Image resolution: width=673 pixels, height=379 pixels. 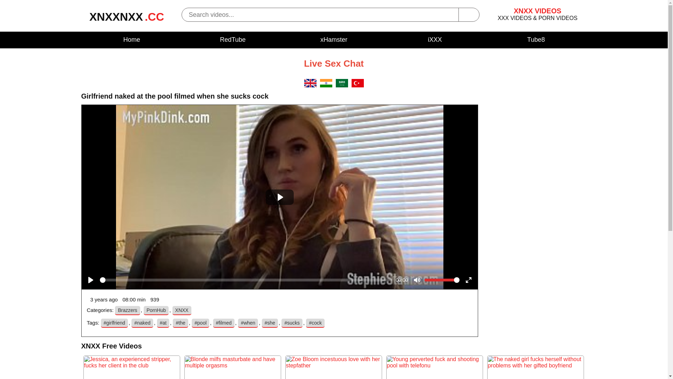 I want to click on '#pool', so click(x=200, y=323).